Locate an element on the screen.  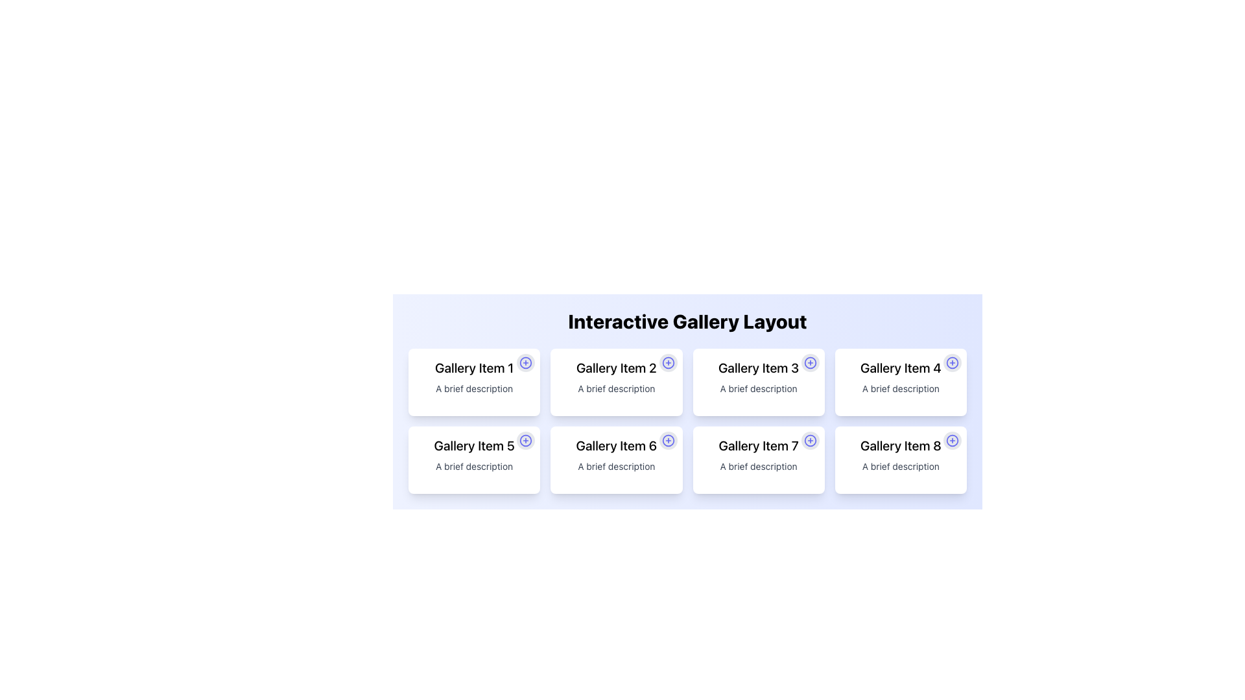
the small circular button with a blue plus sign located in the top-right corner of the card labeled 'Gallery Item 3' is located at coordinates (809, 362).